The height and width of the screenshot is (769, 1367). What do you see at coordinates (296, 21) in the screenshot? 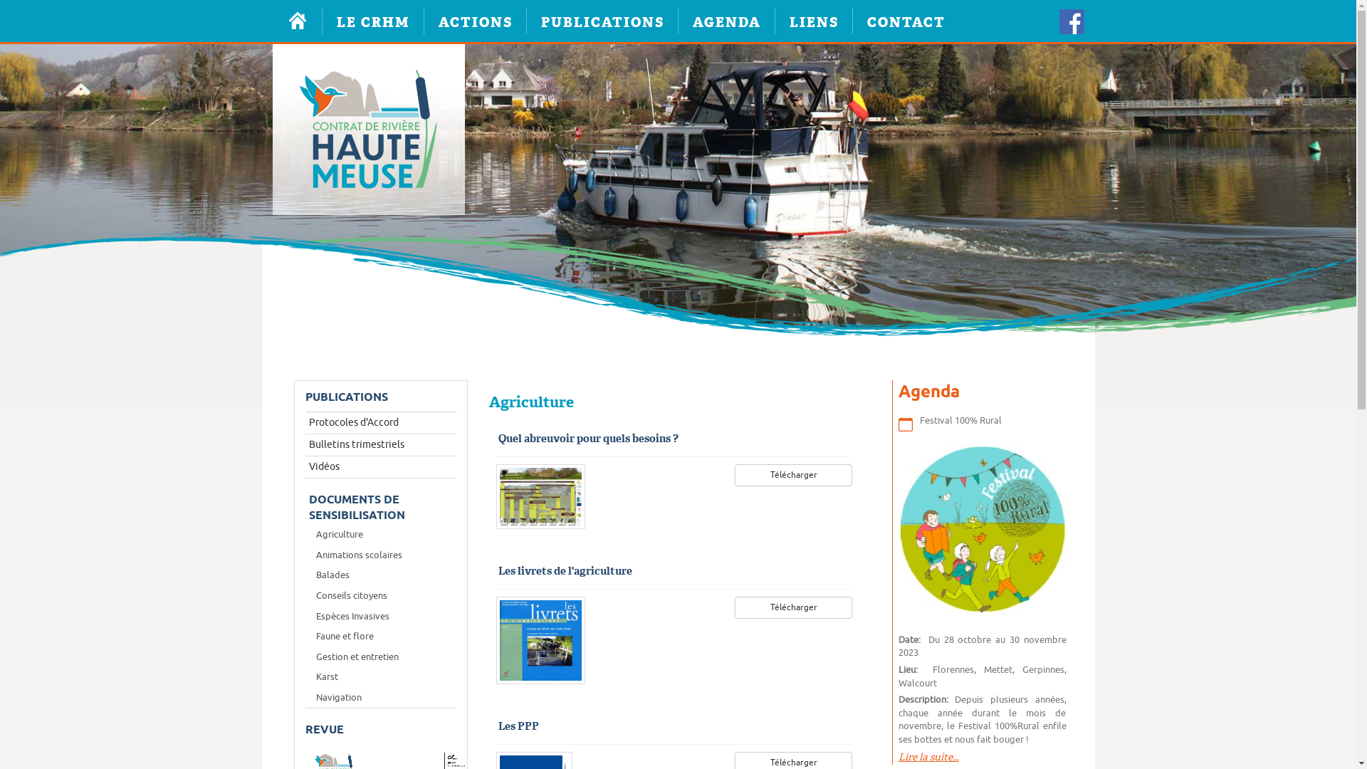
I see `'Accueil'` at bounding box center [296, 21].